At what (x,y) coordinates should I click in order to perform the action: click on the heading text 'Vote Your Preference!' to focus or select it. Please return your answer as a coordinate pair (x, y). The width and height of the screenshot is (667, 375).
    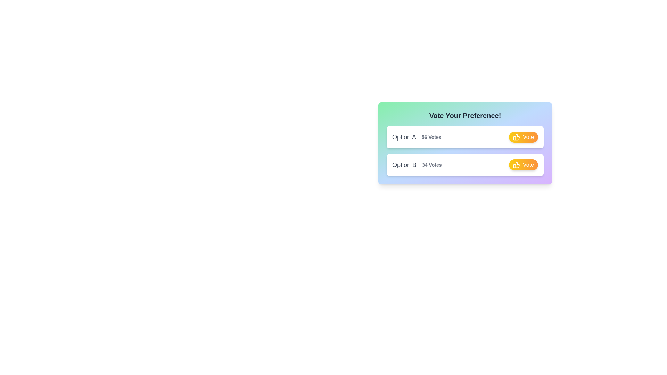
    Looking at the image, I should click on (465, 115).